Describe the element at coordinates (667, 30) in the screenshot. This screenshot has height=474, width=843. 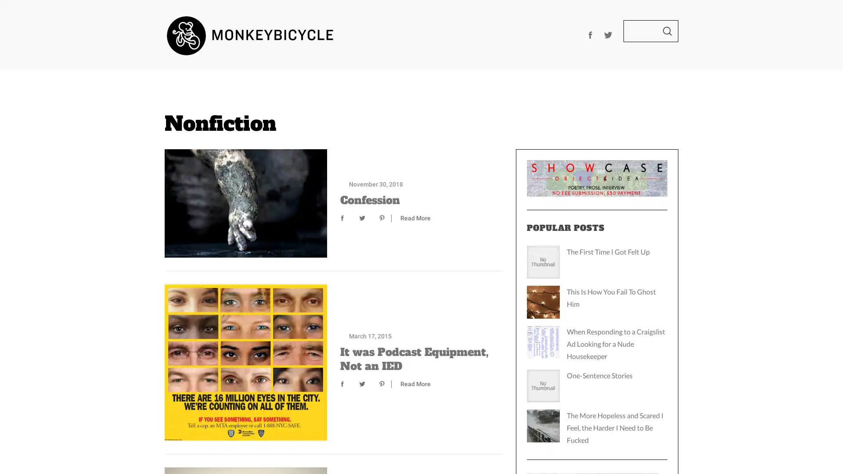
I see `SEARCH` at that location.